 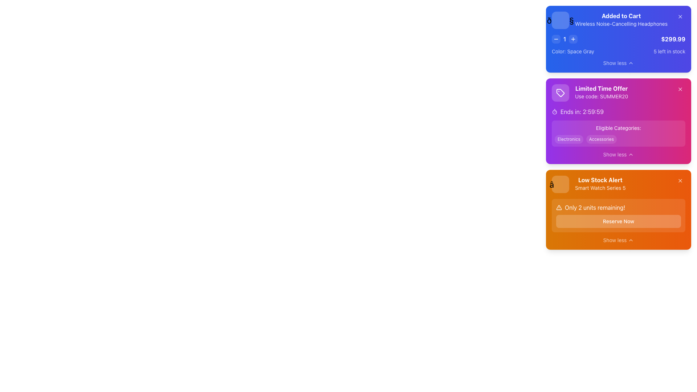 What do you see at coordinates (560, 92) in the screenshot?
I see `the promotional icon that represents a 'tag' or 'label' within the 'Limited Time Offer' card located on the left side of the card's header` at bounding box center [560, 92].